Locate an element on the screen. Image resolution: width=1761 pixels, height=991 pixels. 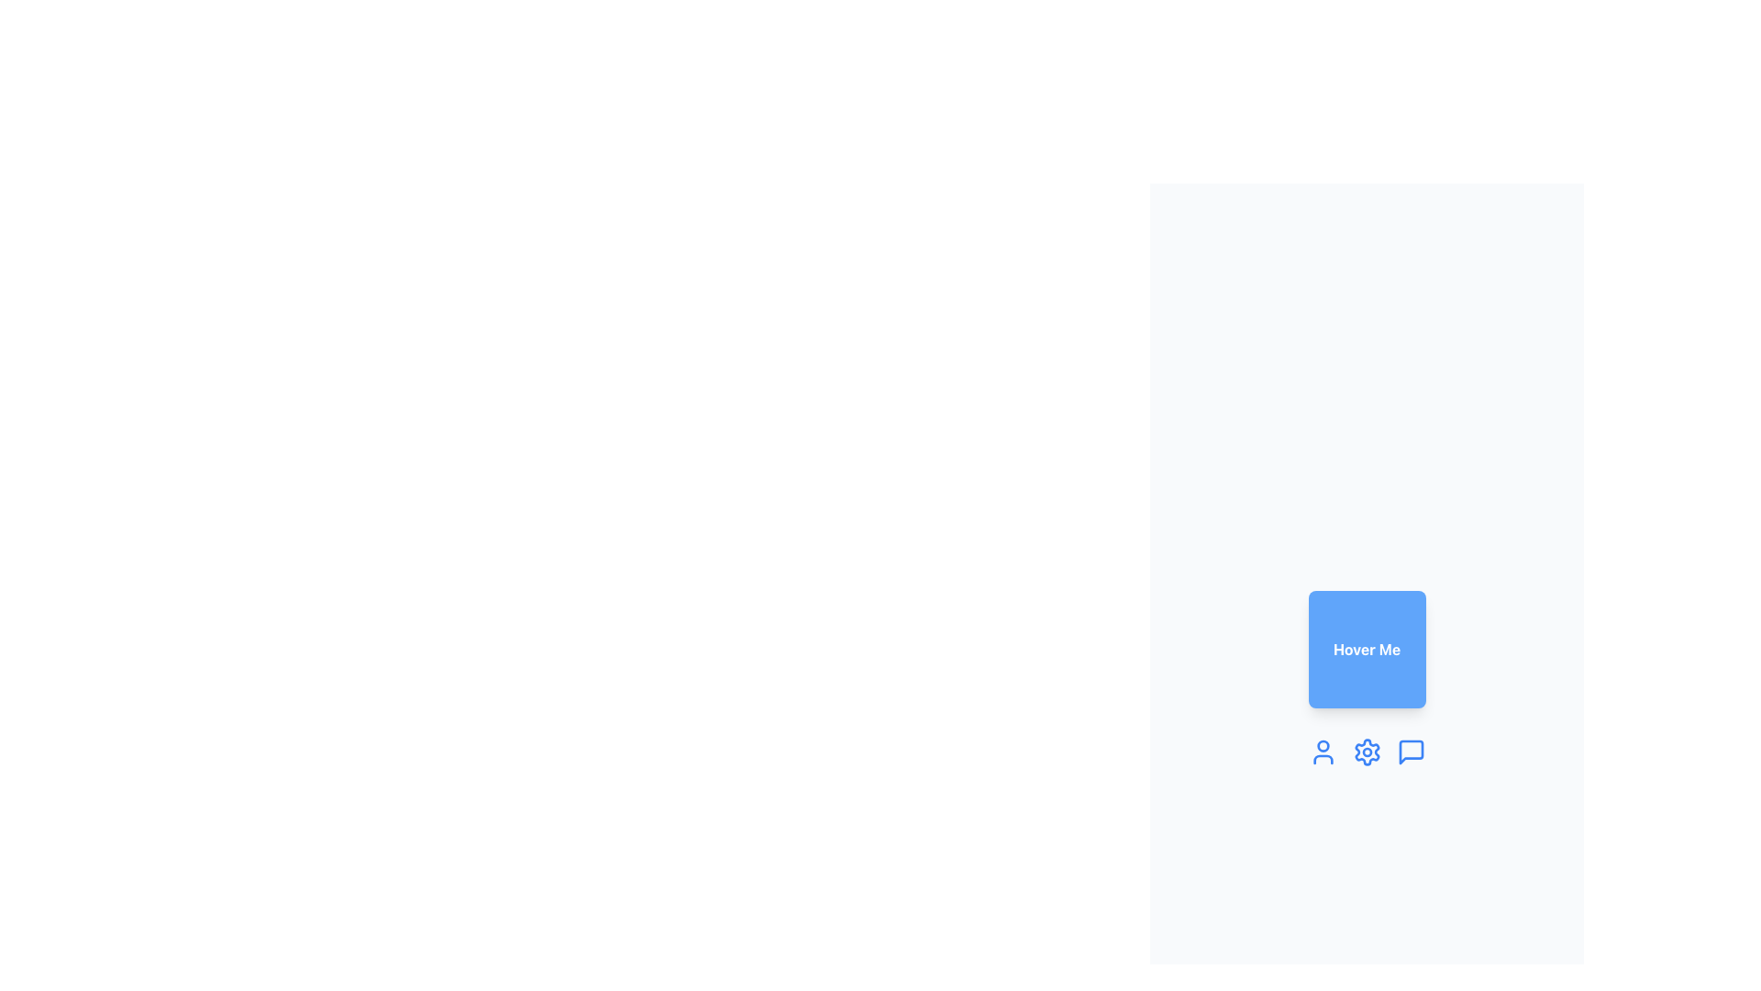
the bottom part of the user icon within the SVG graphic element, located below the 'Hover Me' blue button is located at coordinates (1323, 760).